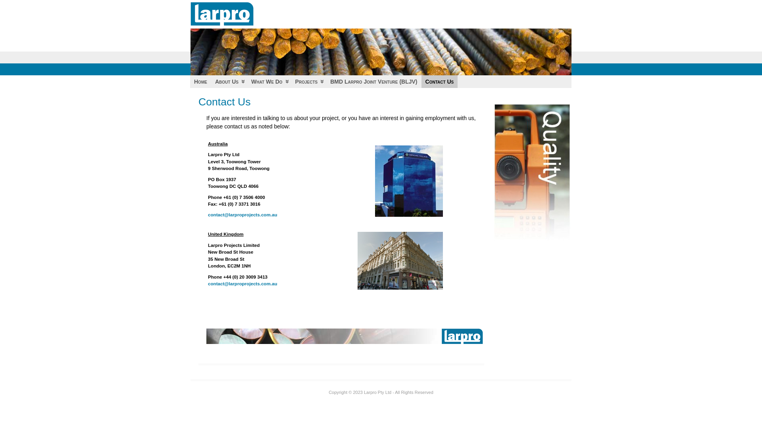  What do you see at coordinates (242, 283) in the screenshot?
I see `'contact@larproprojects.com.au'` at bounding box center [242, 283].